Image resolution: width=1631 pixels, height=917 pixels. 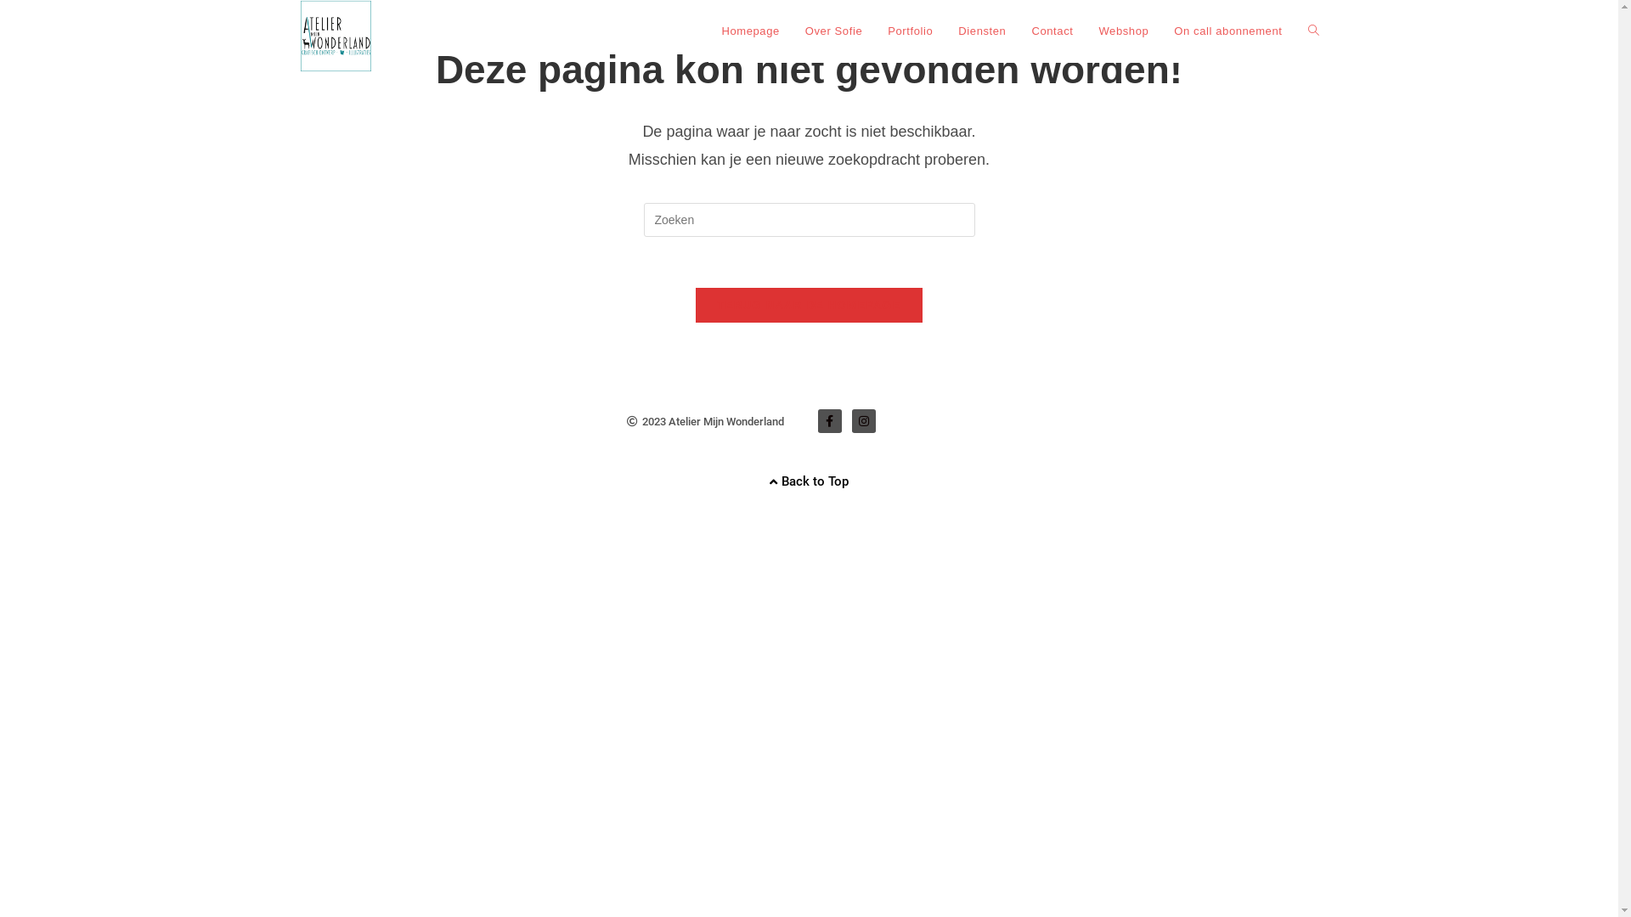 What do you see at coordinates (1227, 31) in the screenshot?
I see `'On call abonnement'` at bounding box center [1227, 31].